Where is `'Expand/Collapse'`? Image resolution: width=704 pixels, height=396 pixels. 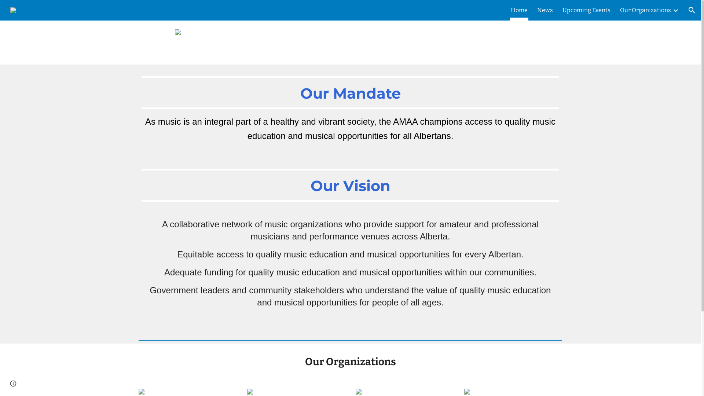 'Expand/Collapse' is located at coordinates (672, 10).